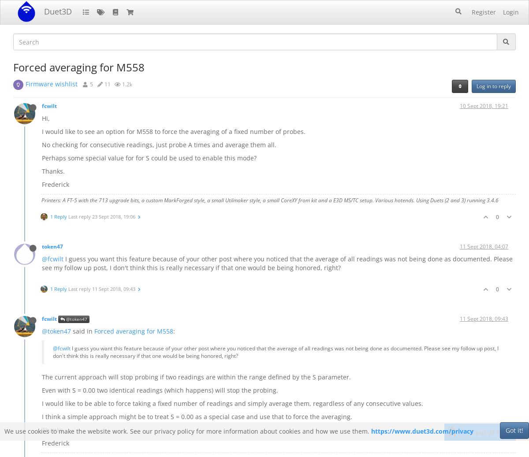 This screenshot has height=457, width=529. What do you see at coordinates (270, 200) in the screenshot?
I see `'Printers: A FT-5 with the 713 upgrade bits, a custom MarkForged style, a small Utilmaker style, a small CoreXY from kit and a E3D MS/TC setup. Various hotends. Using Duets (2 and 3) running 3.4.6'` at bounding box center [270, 200].